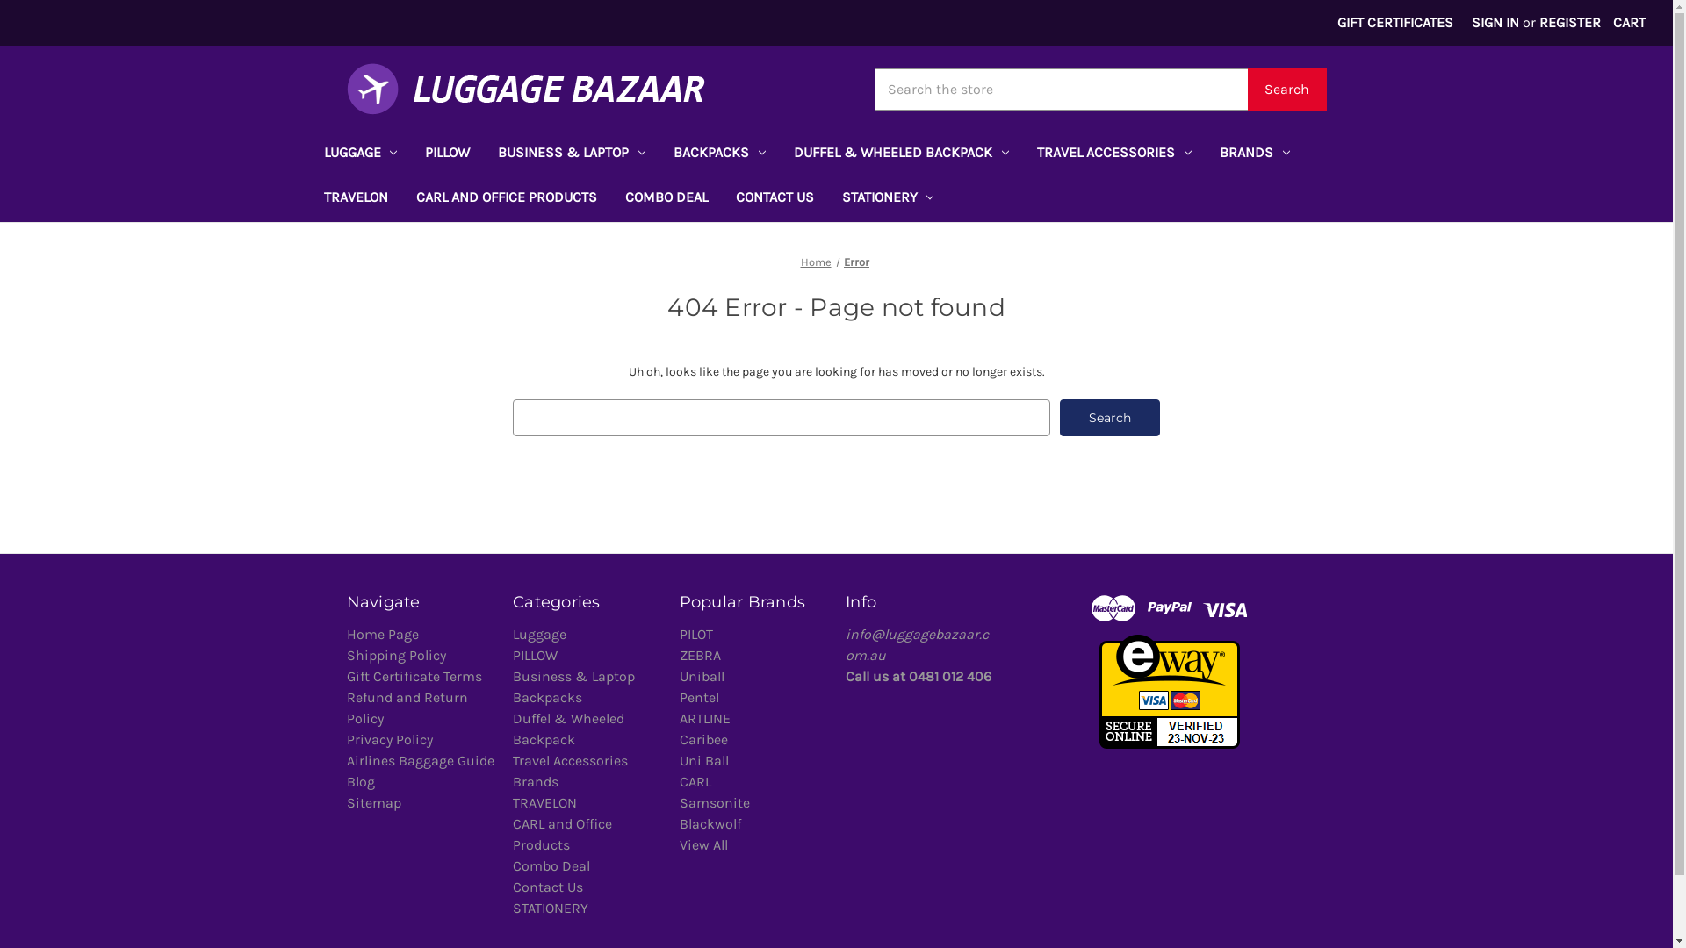  Describe the element at coordinates (405, 707) in the screenshot. I see `'Refund and Return Policy'` at that location.